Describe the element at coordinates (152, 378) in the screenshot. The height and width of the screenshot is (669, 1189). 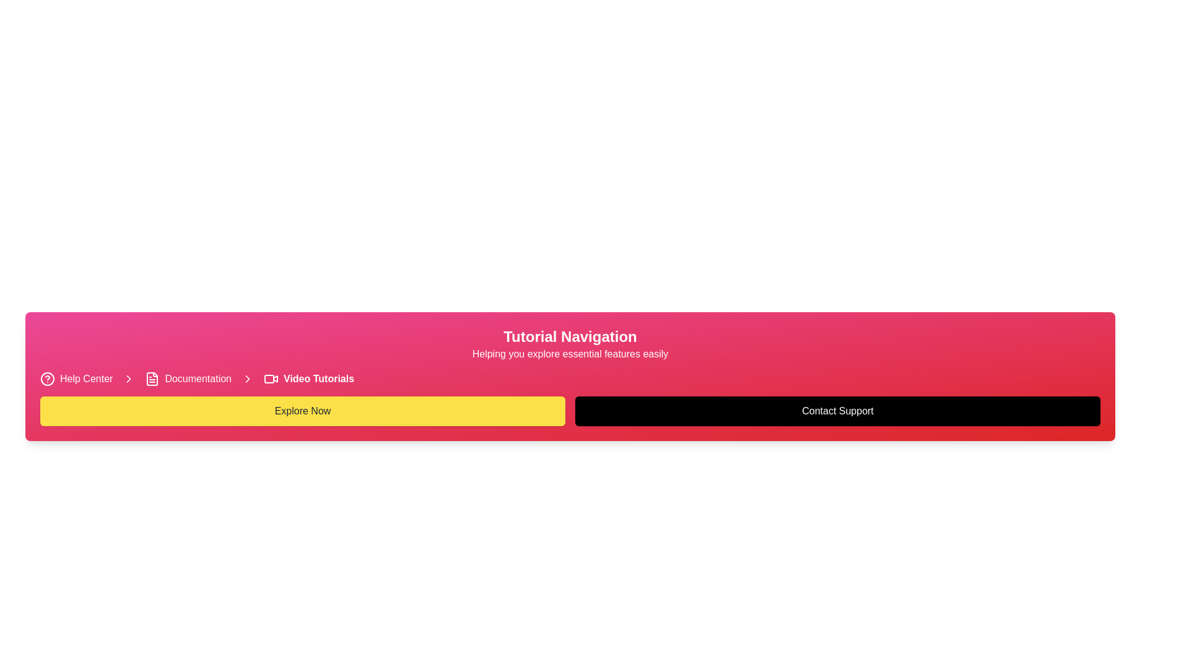
I see `the document symbol icon in the breadcrumb navigation bar, which is the second icon from the left and precedes the 'Documentation' label` at that location.